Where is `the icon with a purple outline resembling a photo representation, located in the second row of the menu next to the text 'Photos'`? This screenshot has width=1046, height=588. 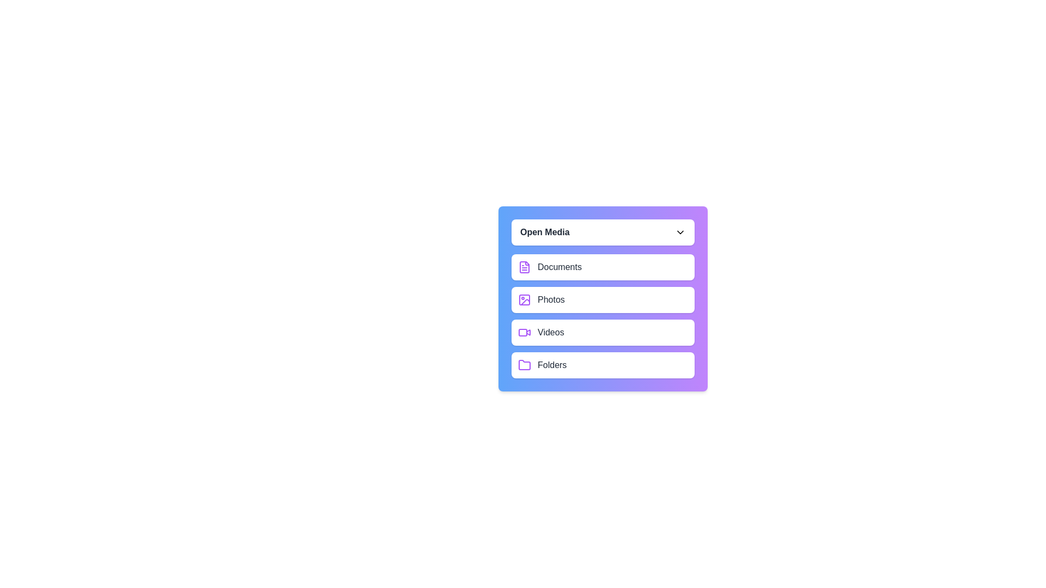 the icon with a purple outline resembling a photo representation, located in the second row of the menu next to the text 'Photos' is located at coordinates (525, 300).